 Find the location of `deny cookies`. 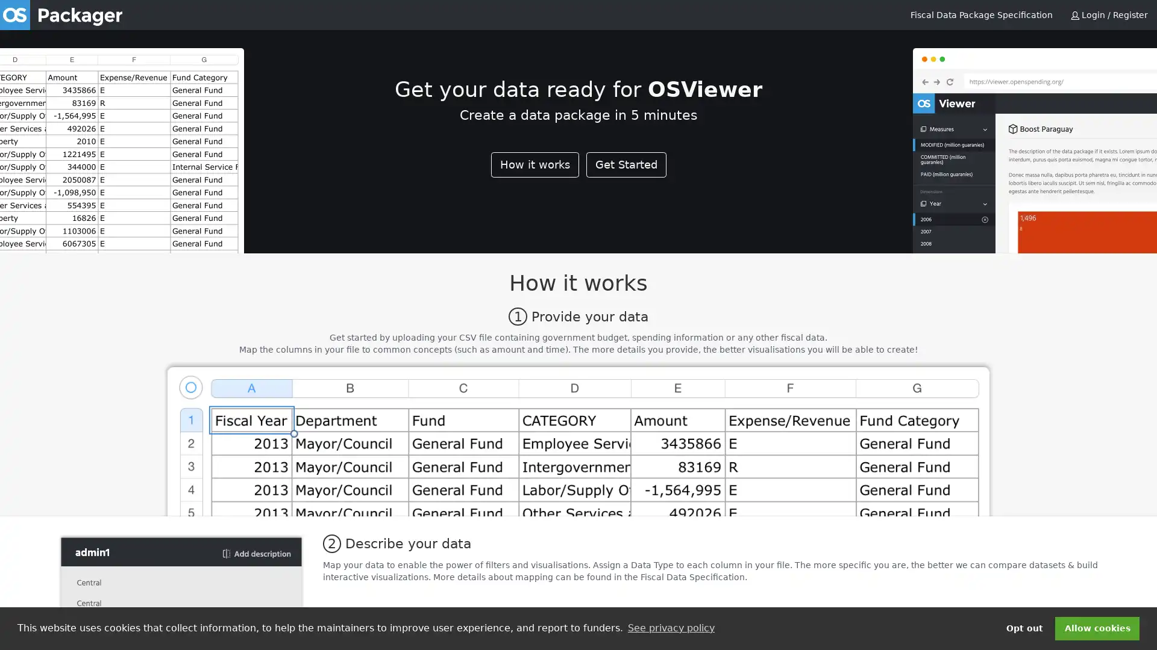

deny cookies is located at coordinates (1023, 628).